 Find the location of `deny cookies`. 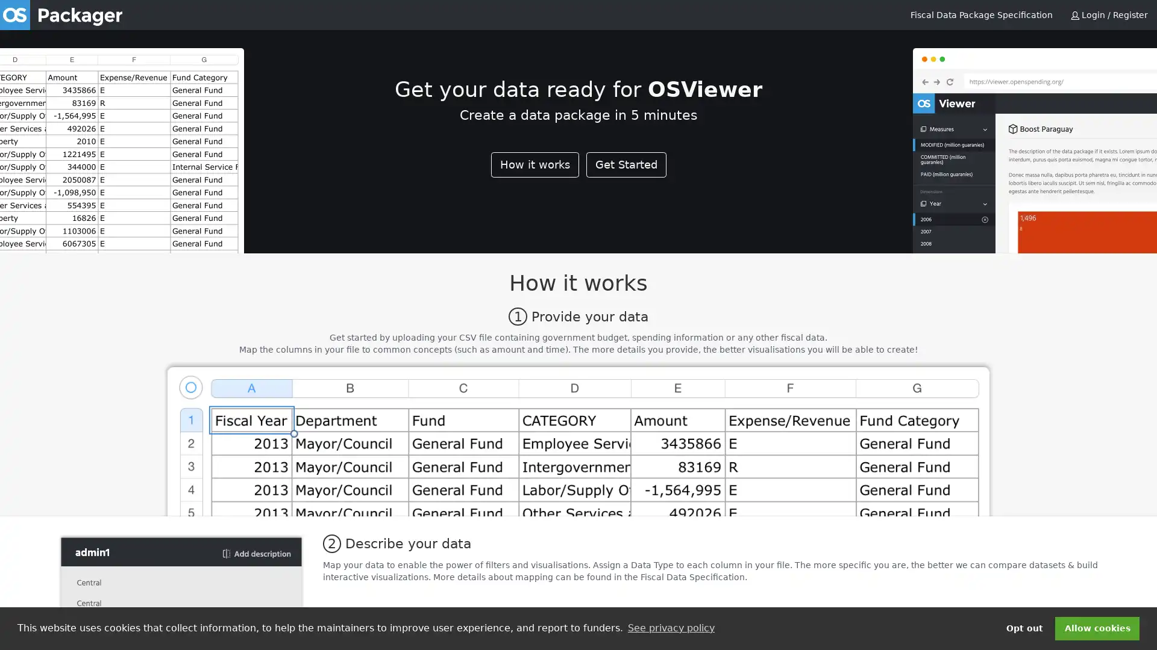

deny cookies is located at coordinates (1023, 628).